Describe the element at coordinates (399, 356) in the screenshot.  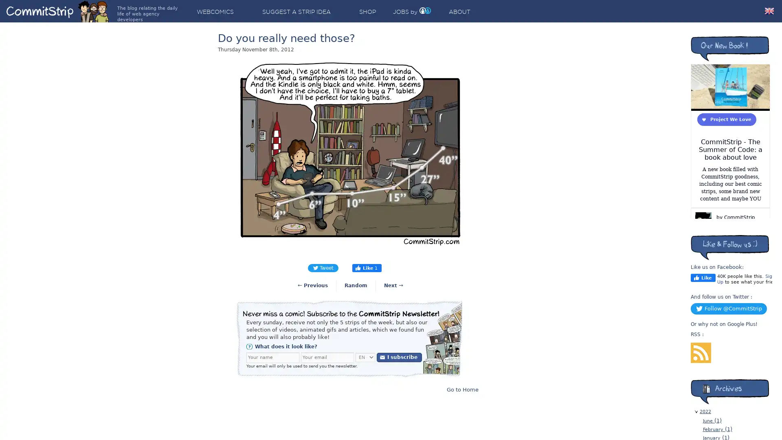
I see `I subscribe` at that location.